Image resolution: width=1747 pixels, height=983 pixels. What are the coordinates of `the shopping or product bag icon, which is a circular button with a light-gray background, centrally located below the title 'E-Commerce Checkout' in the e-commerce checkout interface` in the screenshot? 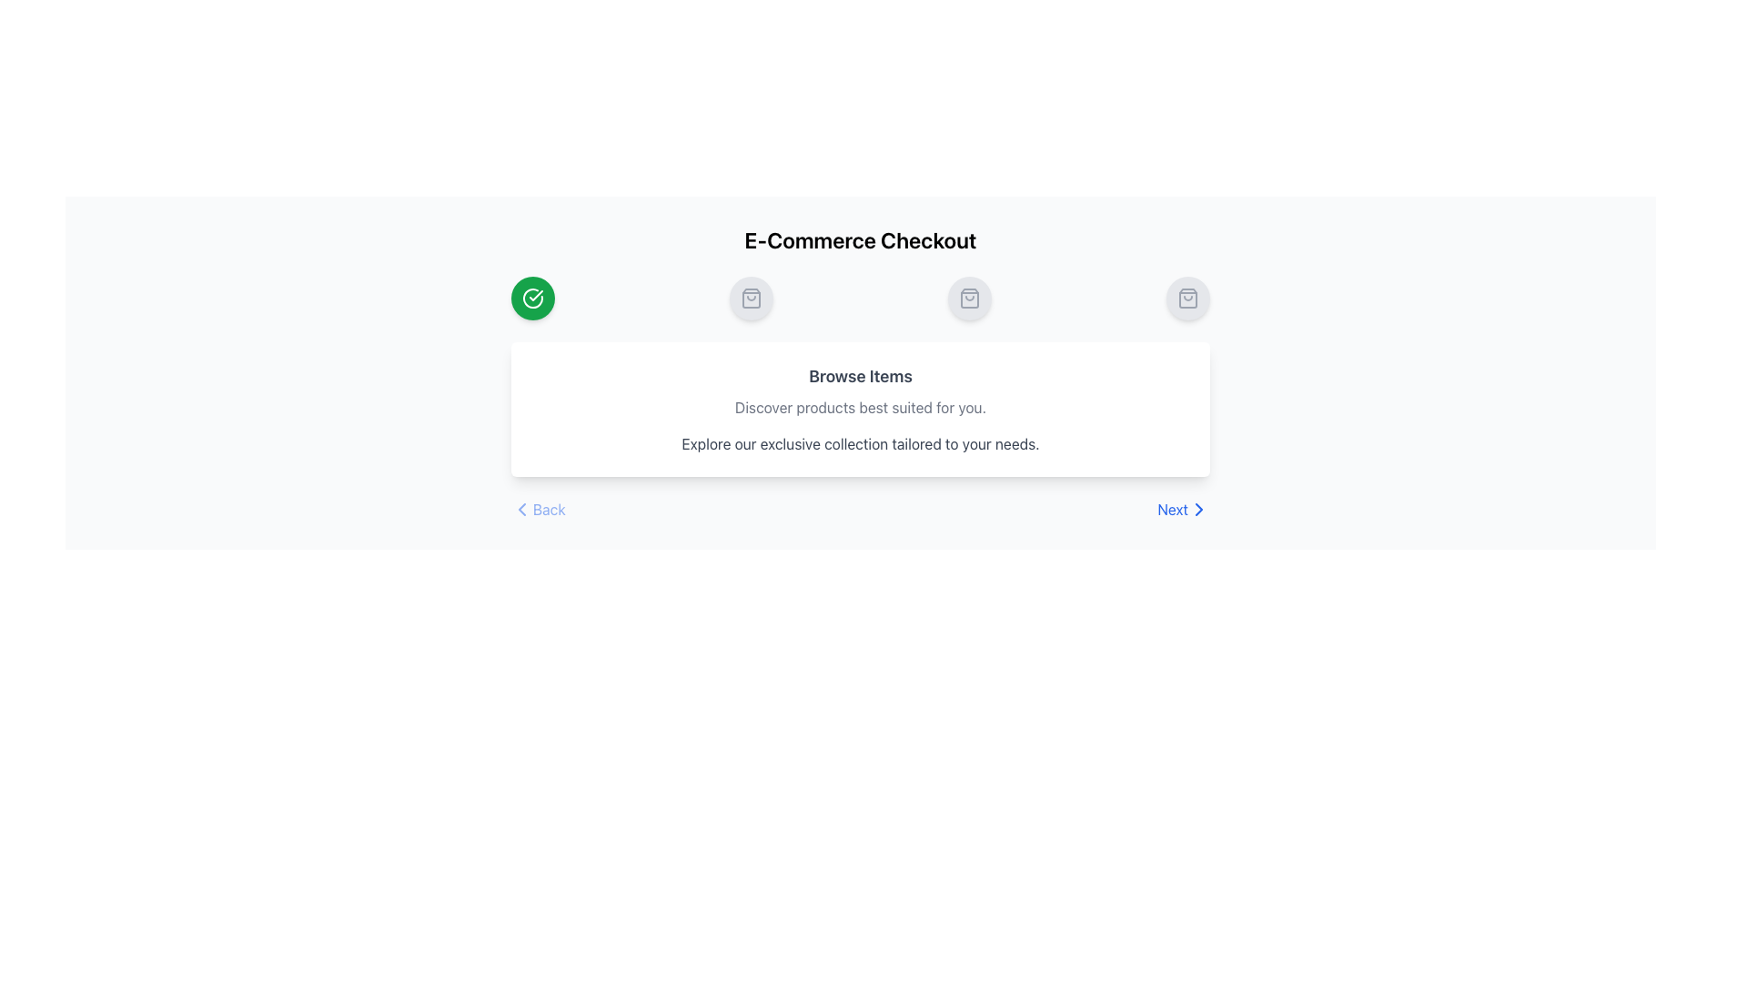 It's located at (968, 297).